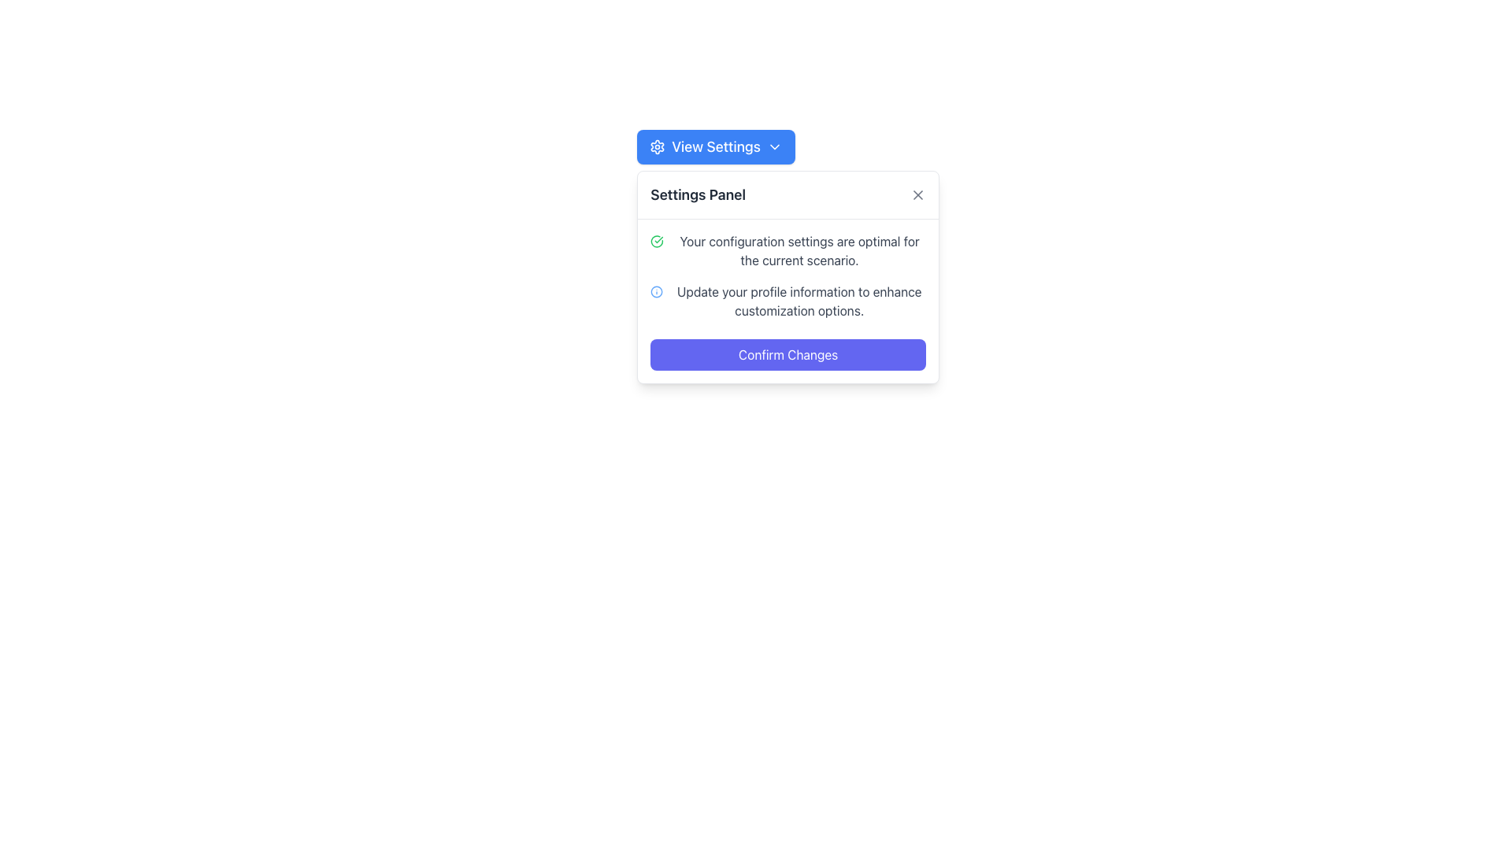 The height and width of the screenshot is (850, 1512). What do you see at coordinates (774, 146) in the screenshot?
I see `the downward-facing chevron icon with a blue background, located to the right of the 'View Settings' text` at bounding box center [774, 146].